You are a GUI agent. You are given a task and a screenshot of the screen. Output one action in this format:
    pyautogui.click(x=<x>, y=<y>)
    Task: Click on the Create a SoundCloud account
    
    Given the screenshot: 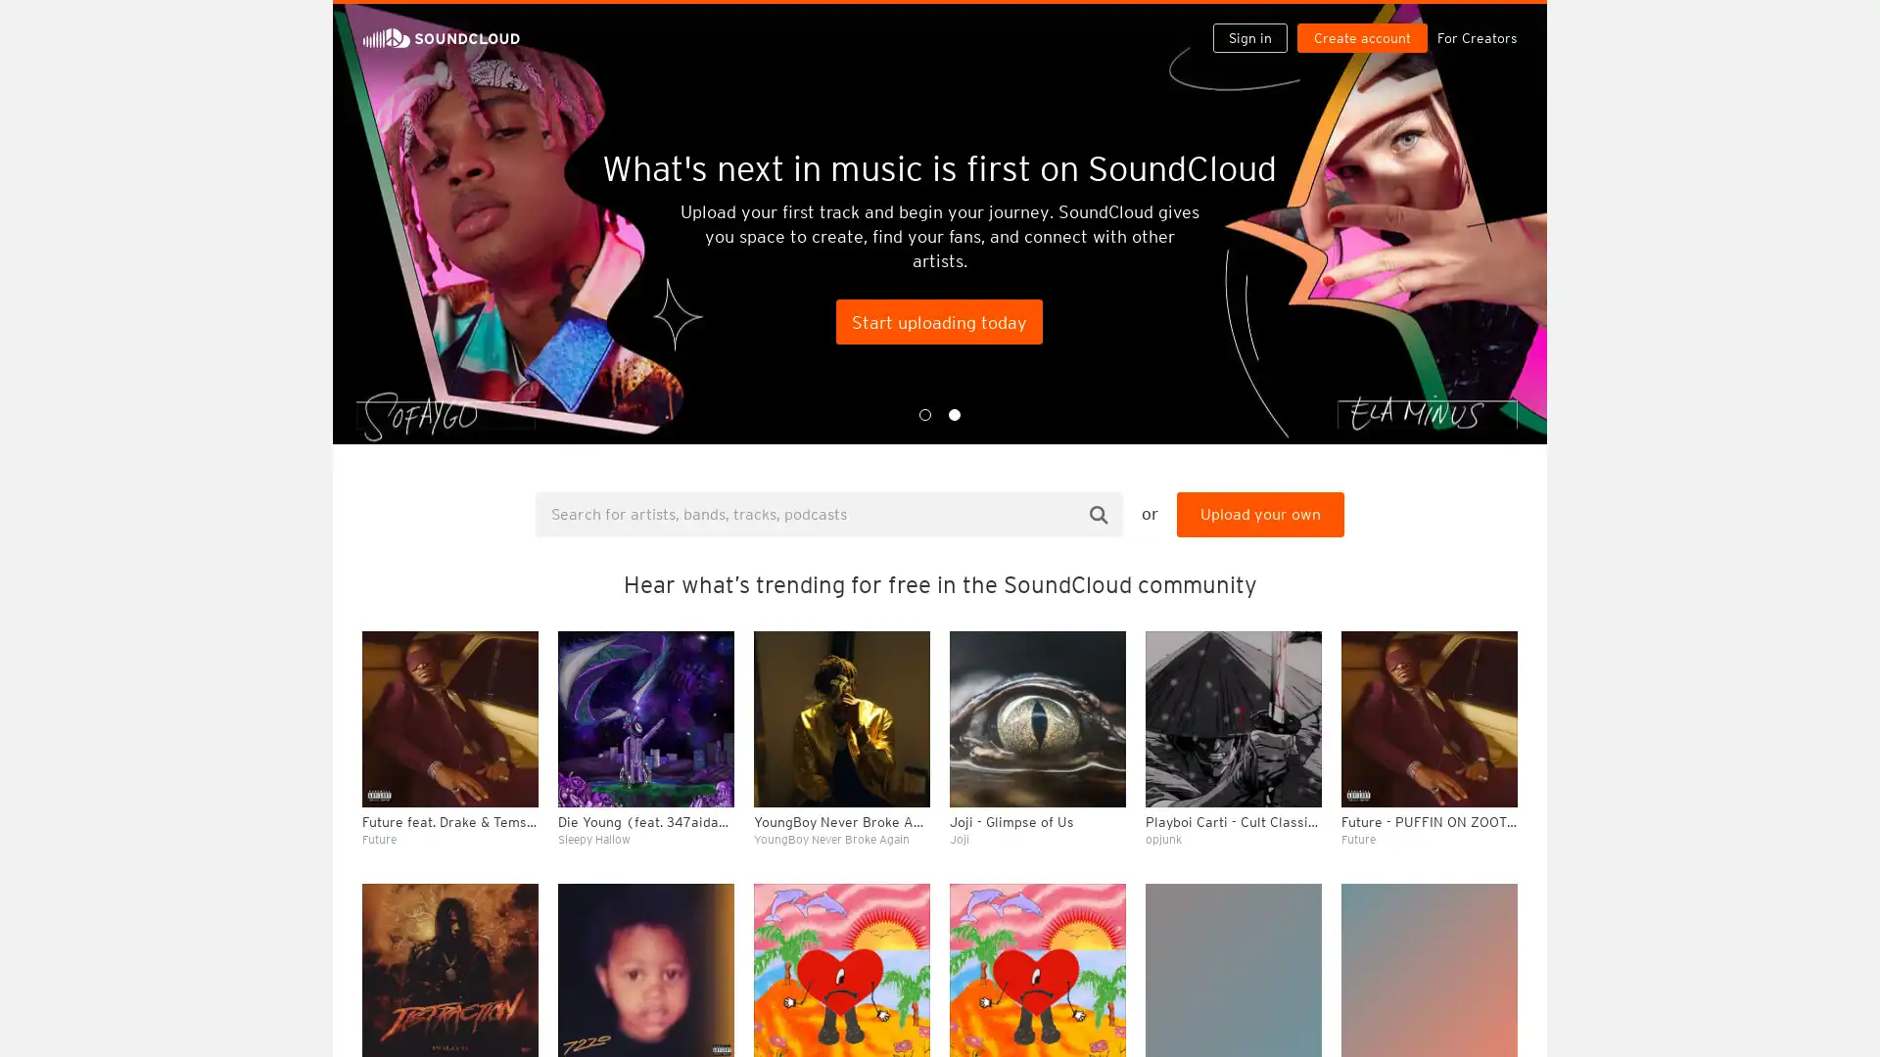 What is the action you would take?
    pyautogui.click(x=1361, y=37)
    